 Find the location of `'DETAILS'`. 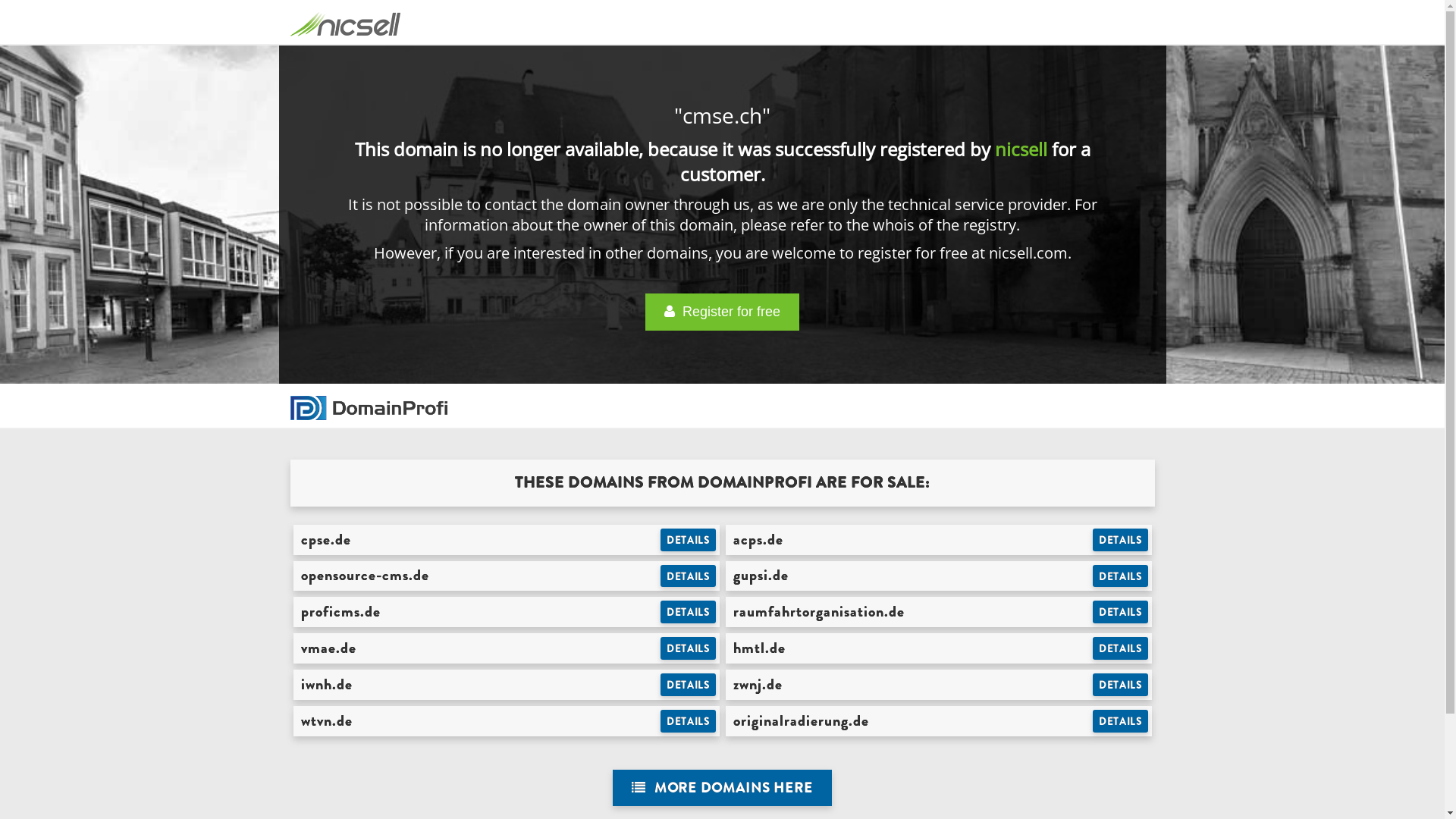

'DETAILS' is located at coordinates (687, 610).